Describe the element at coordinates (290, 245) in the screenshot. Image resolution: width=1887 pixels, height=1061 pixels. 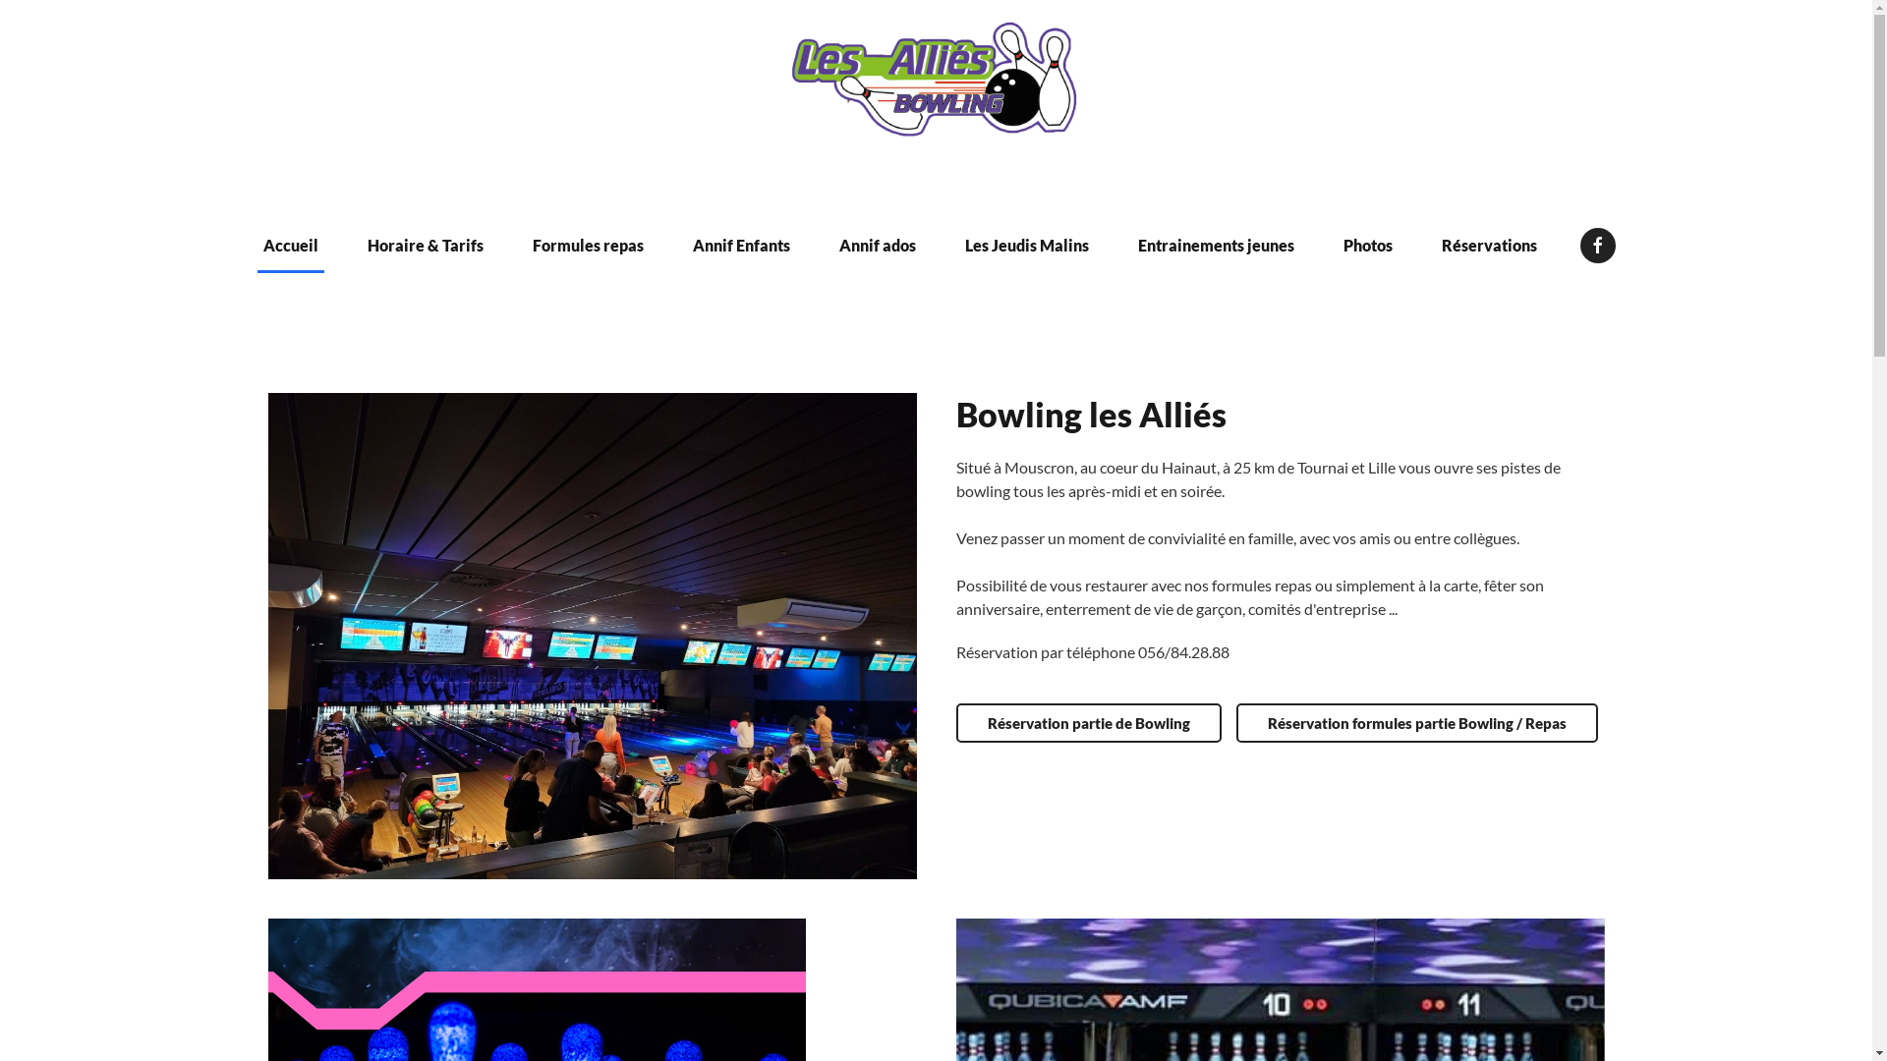
I see `'Accueil'` at that location.